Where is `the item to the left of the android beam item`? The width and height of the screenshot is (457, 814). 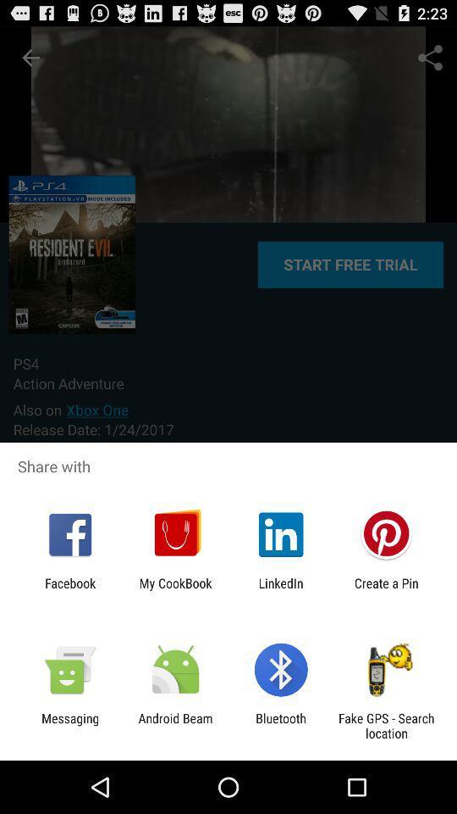 the item to the left of the android beam item is located at coordinates (69, 725).